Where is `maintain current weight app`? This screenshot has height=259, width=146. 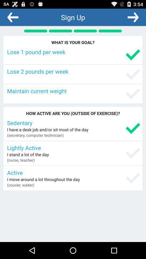
maintain current weight app is located at coordinates (73, 91).